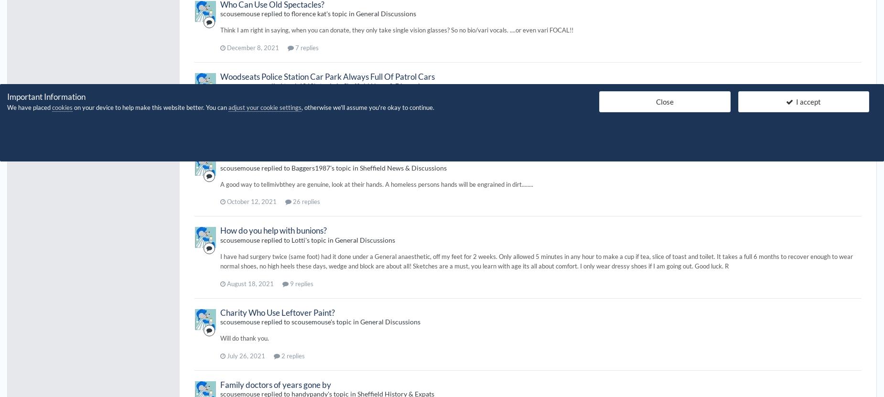 The image size is (884, 397). Describe the element at coordinates (309, 13) in the screenshot. I see `'florence kat'` at that location.